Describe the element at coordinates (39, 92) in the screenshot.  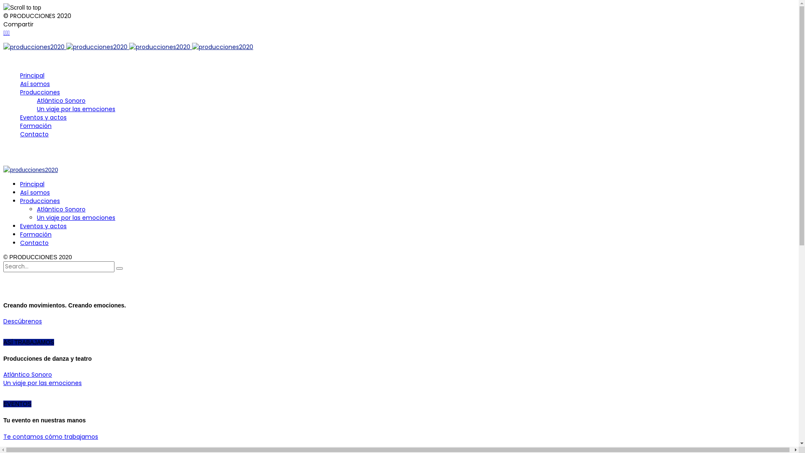
I see `'Producciones'` at that location.